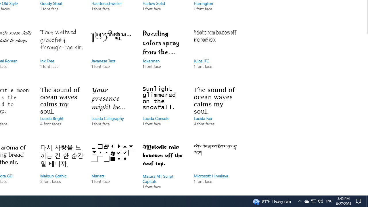 This screenshot has width=368, height=207. What do you see at coordinates (320, 201) in the screenshot?
I see `'Q2790: 100%'` at bounding box center [320, 201].